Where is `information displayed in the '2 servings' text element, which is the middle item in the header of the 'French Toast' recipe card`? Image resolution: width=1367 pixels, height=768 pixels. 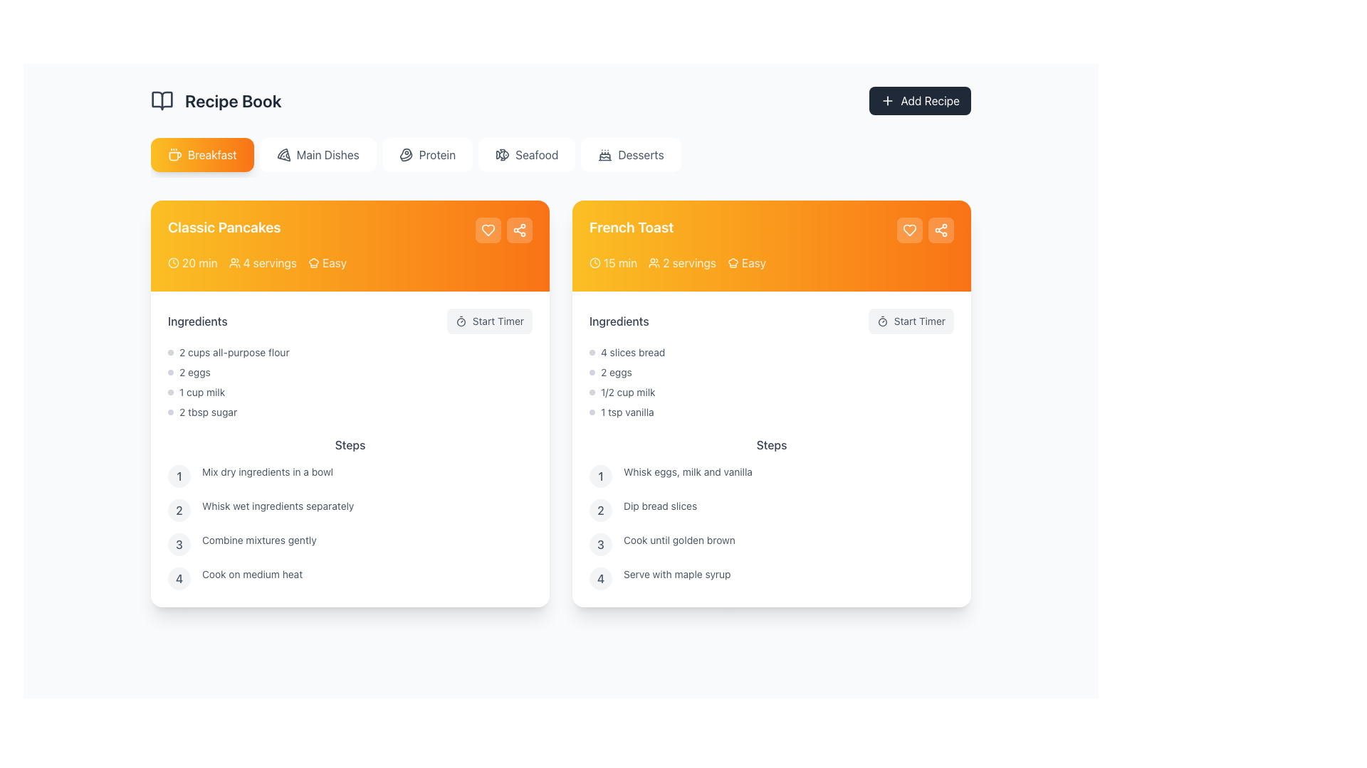 information displayed in the '2 servings' text element, which is the middle item in the header of the 'French Toast' recipe card is located at coordinates (681, 263).